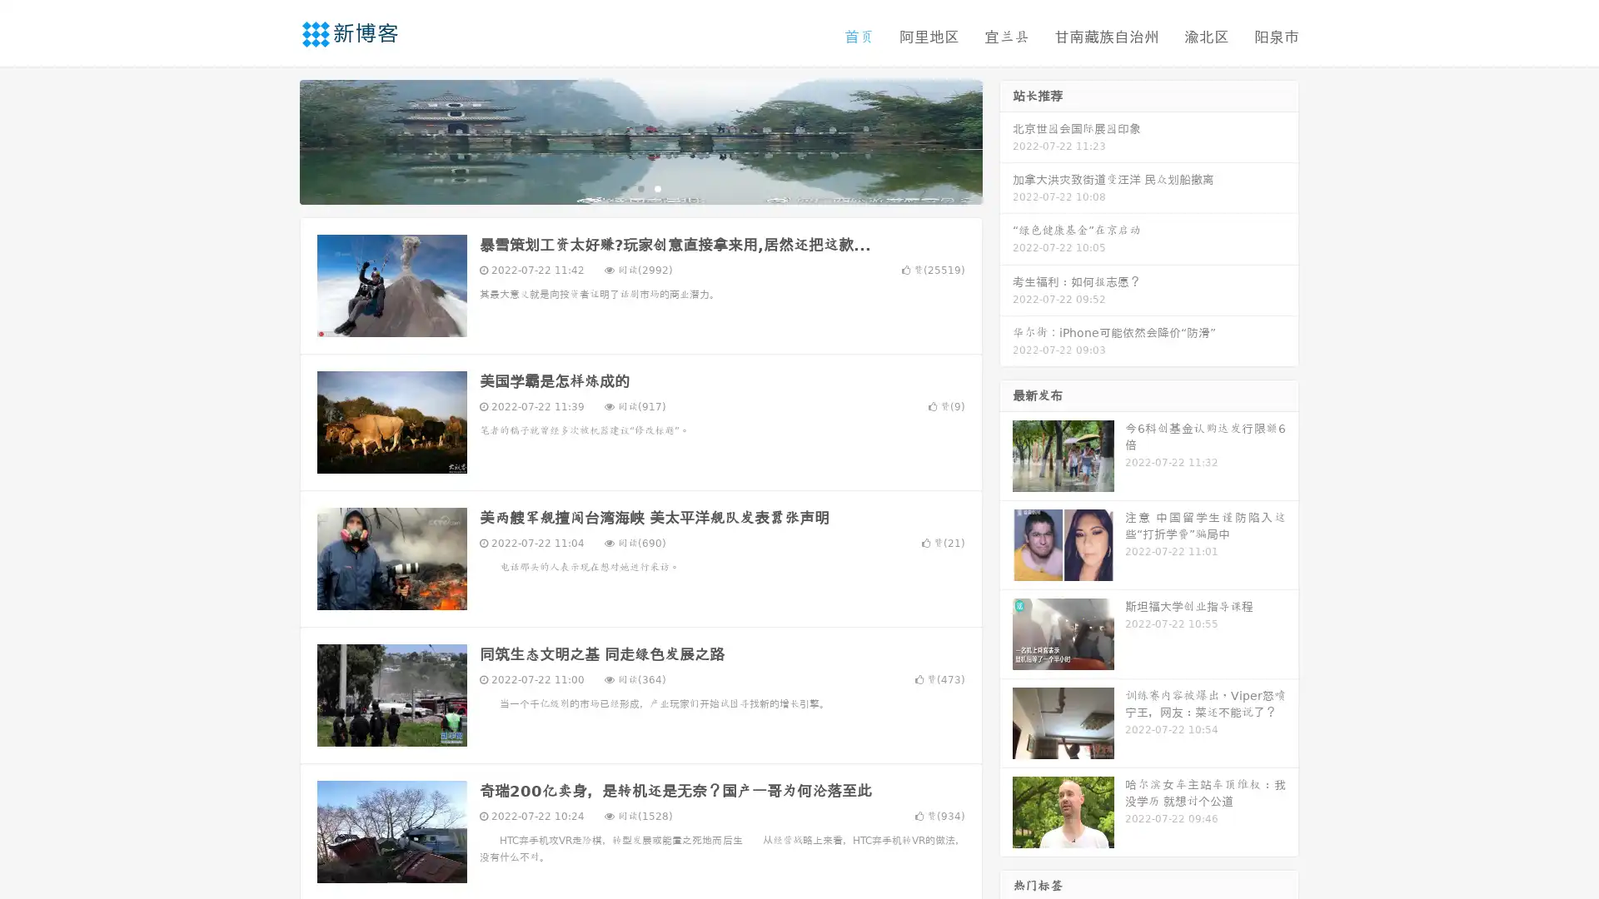 Image resolution: width=1599 pixels, height=899 pixels. Describe the element at coordinates (640, 187) in the screenshot. I see `Go to slide 2` at that location.